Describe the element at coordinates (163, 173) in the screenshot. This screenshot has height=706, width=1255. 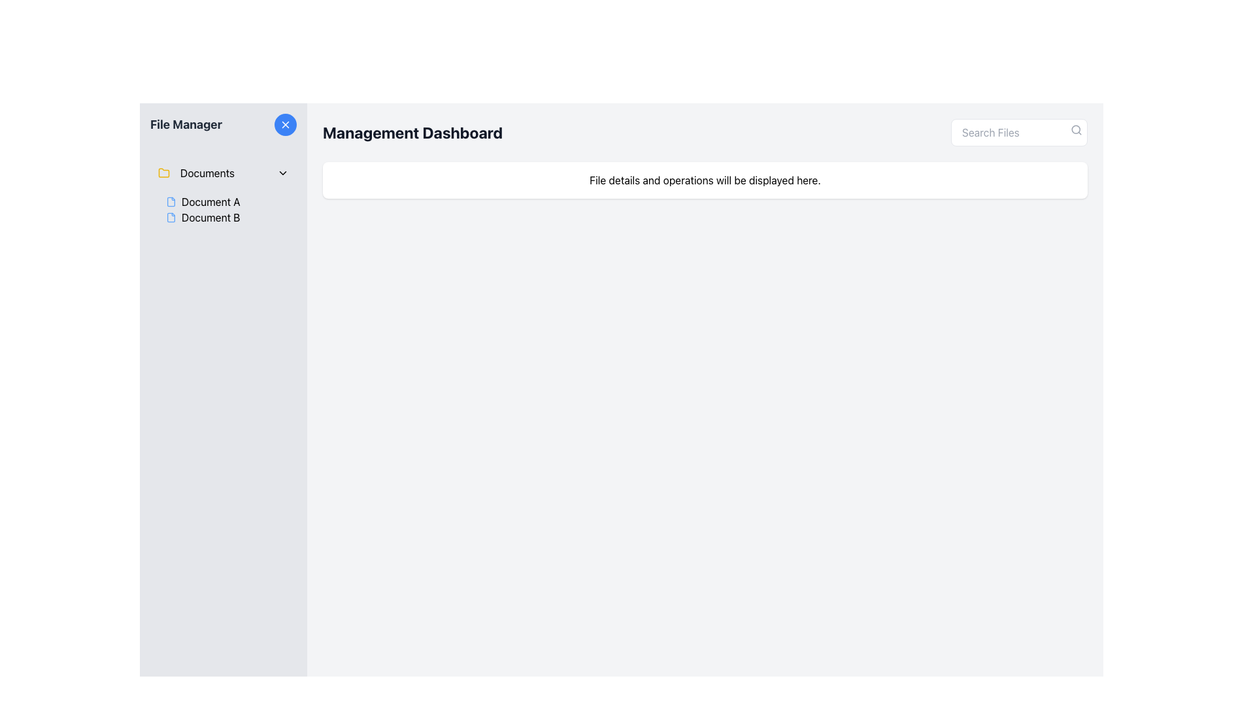
I see `the folder icon located at the beginning of the 'Documents' list item, which is characterized by a yellow outline and minimalistic design` at that location.